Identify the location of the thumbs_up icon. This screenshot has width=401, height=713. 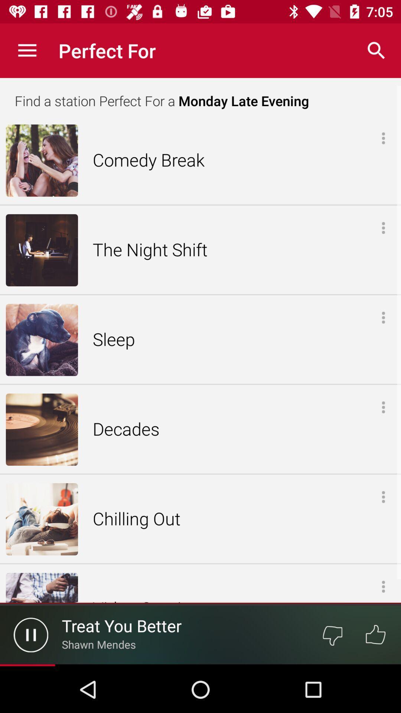
(375, 634).